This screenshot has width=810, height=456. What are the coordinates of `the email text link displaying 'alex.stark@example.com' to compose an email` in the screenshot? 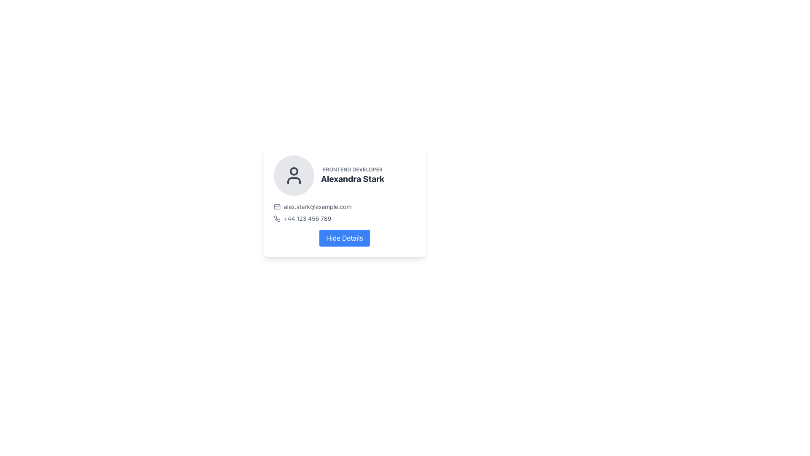 It's located at (344, 206).